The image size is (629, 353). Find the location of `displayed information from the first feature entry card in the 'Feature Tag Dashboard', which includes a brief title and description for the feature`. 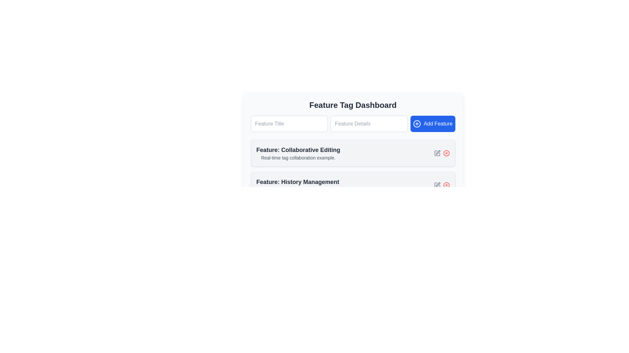

displayed information from the first feature entry card in the 'Feature Tag Dashboard', which includes a brief title and description for the feature is located at coordinates (353, 169).